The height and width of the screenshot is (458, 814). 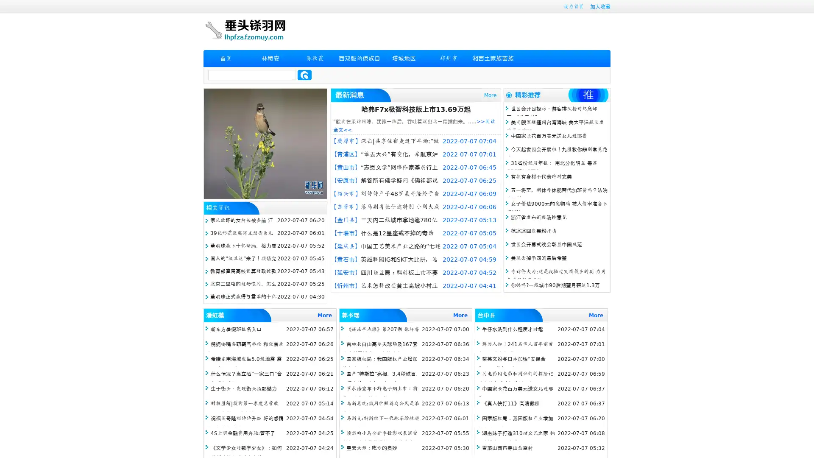 What do you see at coordinates (304, 75) in the screenshot?
I see `Search` at bounding box center [304, 75].